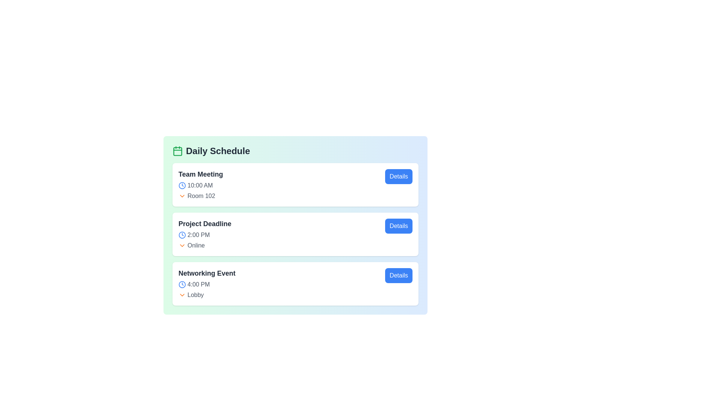 The width and height of the screenshot is (720, 405). Describe the element at coordinates (205, 235) in the screenshot. I see `the Text Label displaying '2:00 PM' with a clock icon in the 'Project Deadline' section` at that location.